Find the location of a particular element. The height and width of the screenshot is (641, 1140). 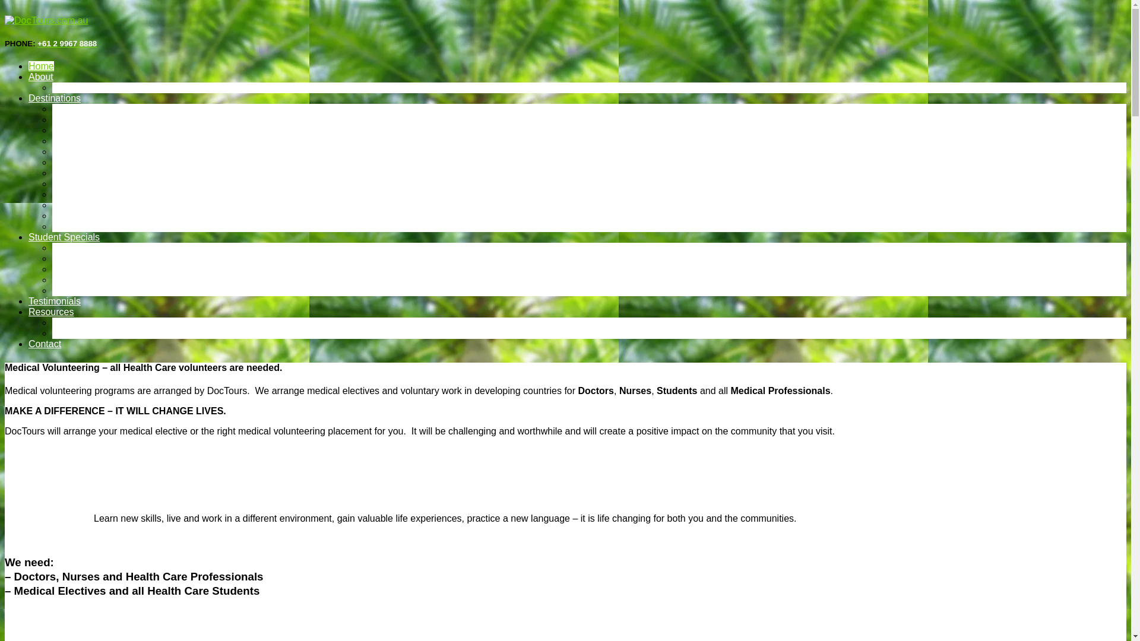

'Student Specials' is located at coordinates (63, 237).